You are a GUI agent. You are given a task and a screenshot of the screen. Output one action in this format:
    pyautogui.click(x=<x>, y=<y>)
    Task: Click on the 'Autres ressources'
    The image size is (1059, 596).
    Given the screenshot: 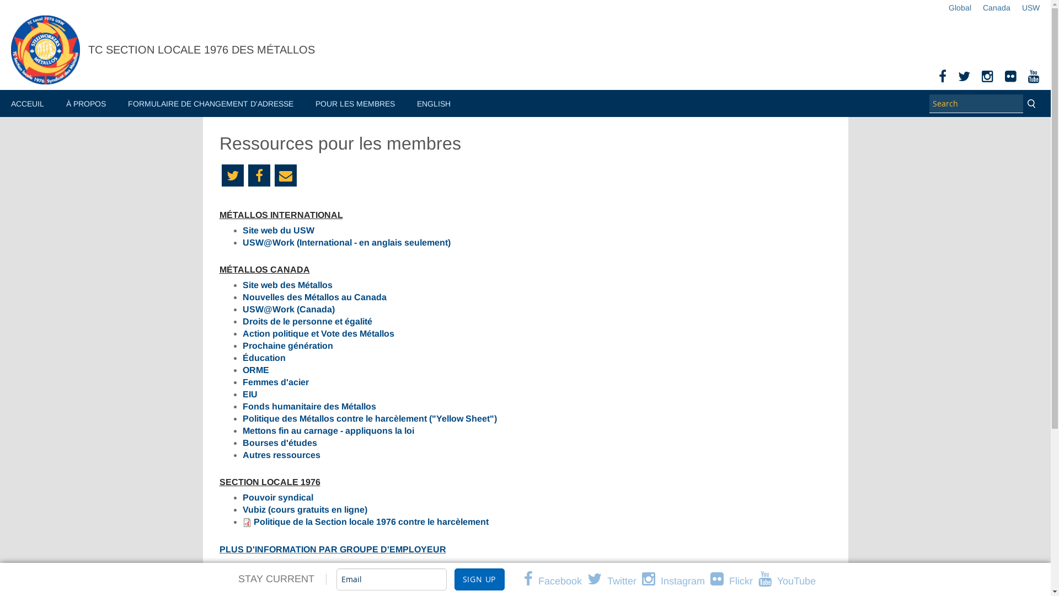 What is the action you would take?
    pyautogui.click(x=242, y=455)
    